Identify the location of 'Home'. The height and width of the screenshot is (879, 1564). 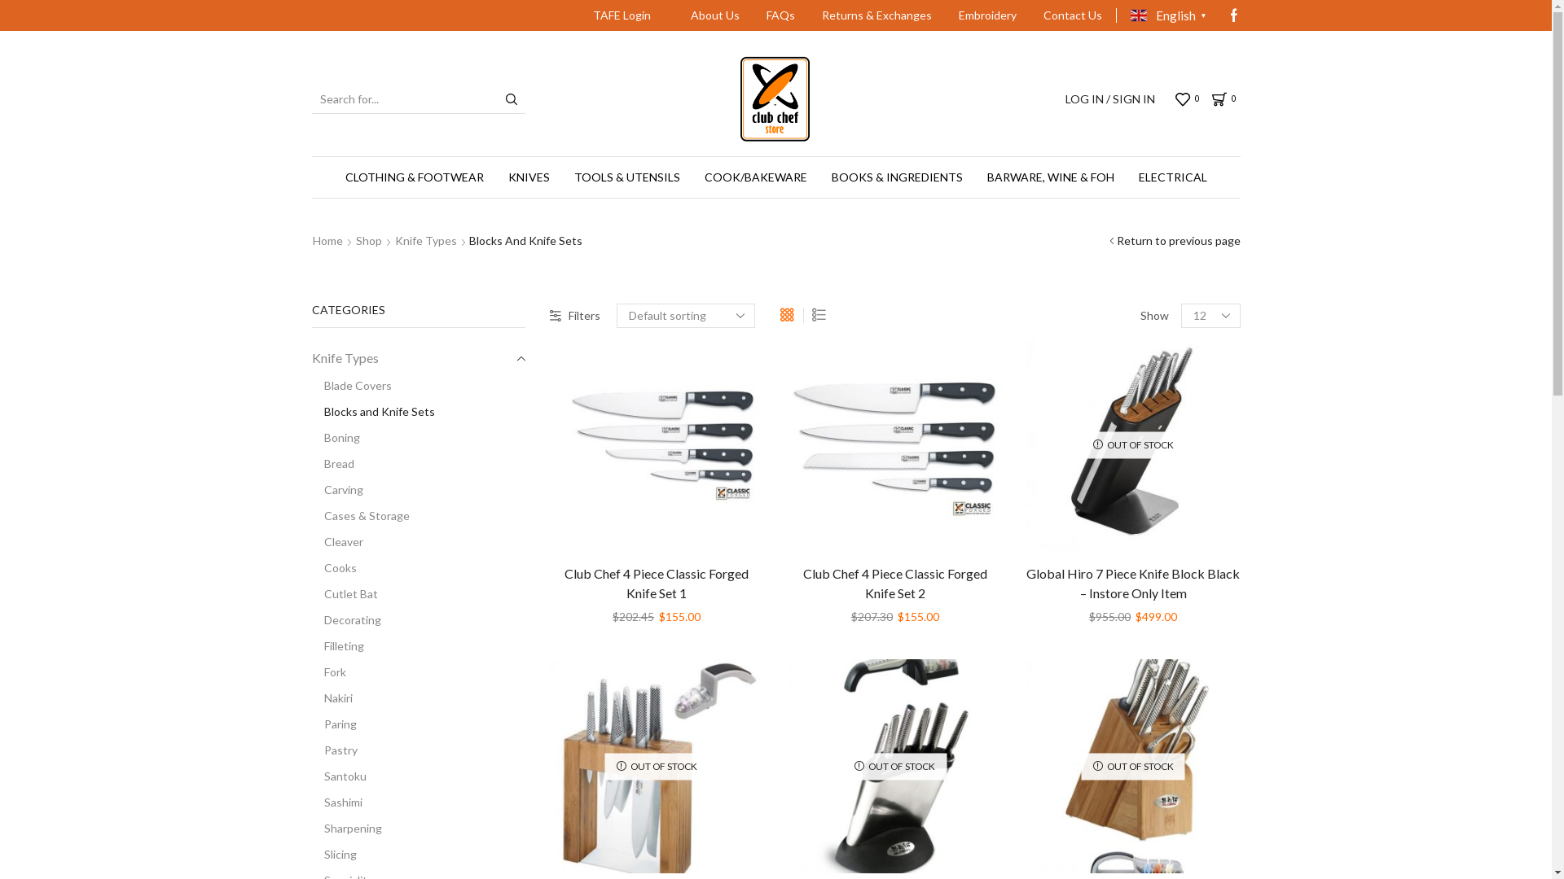
(326, 241).